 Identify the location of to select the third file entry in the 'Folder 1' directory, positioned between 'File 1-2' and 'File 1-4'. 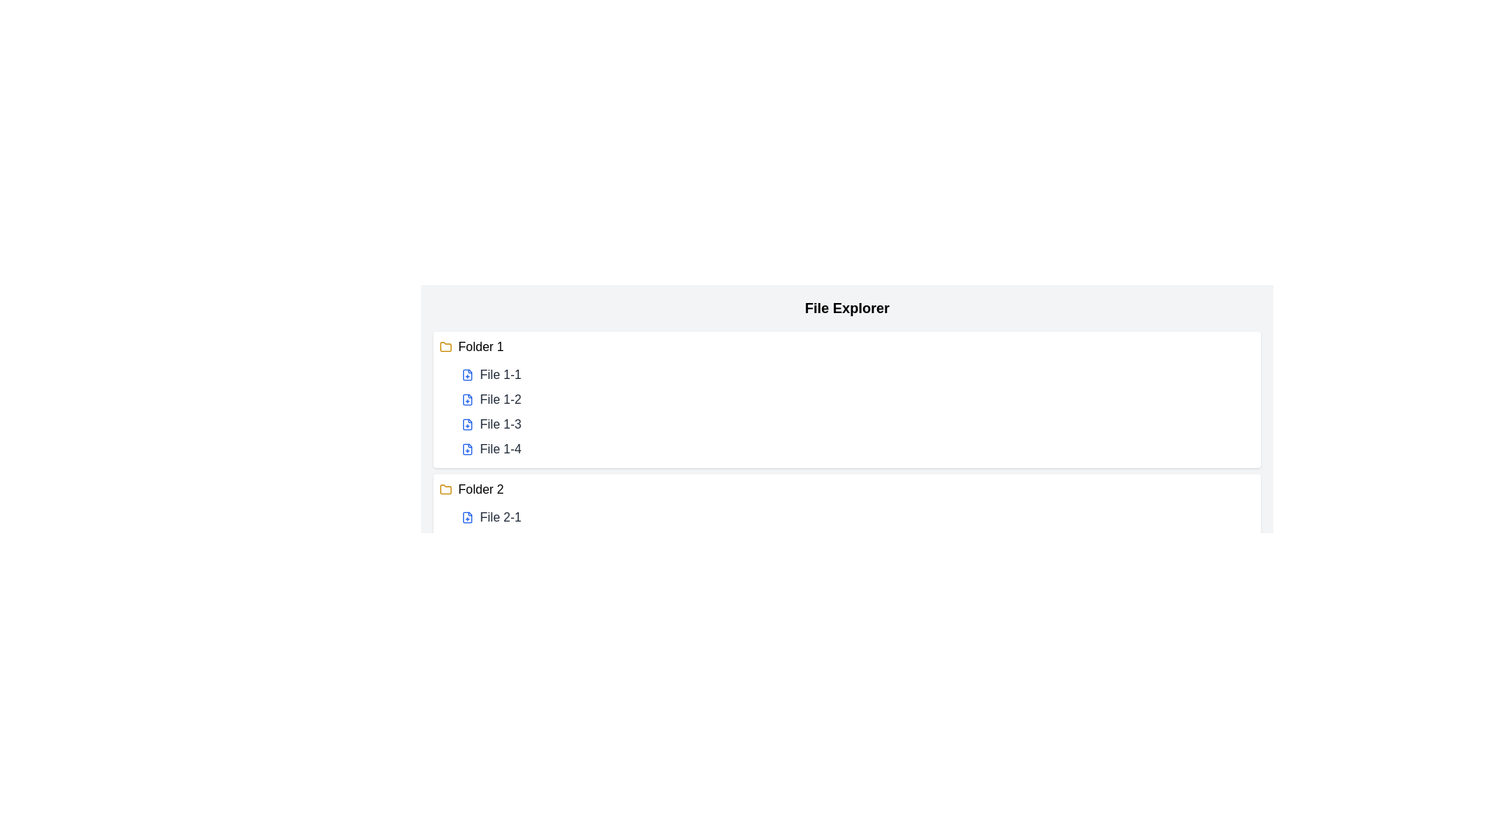
(500, 424).